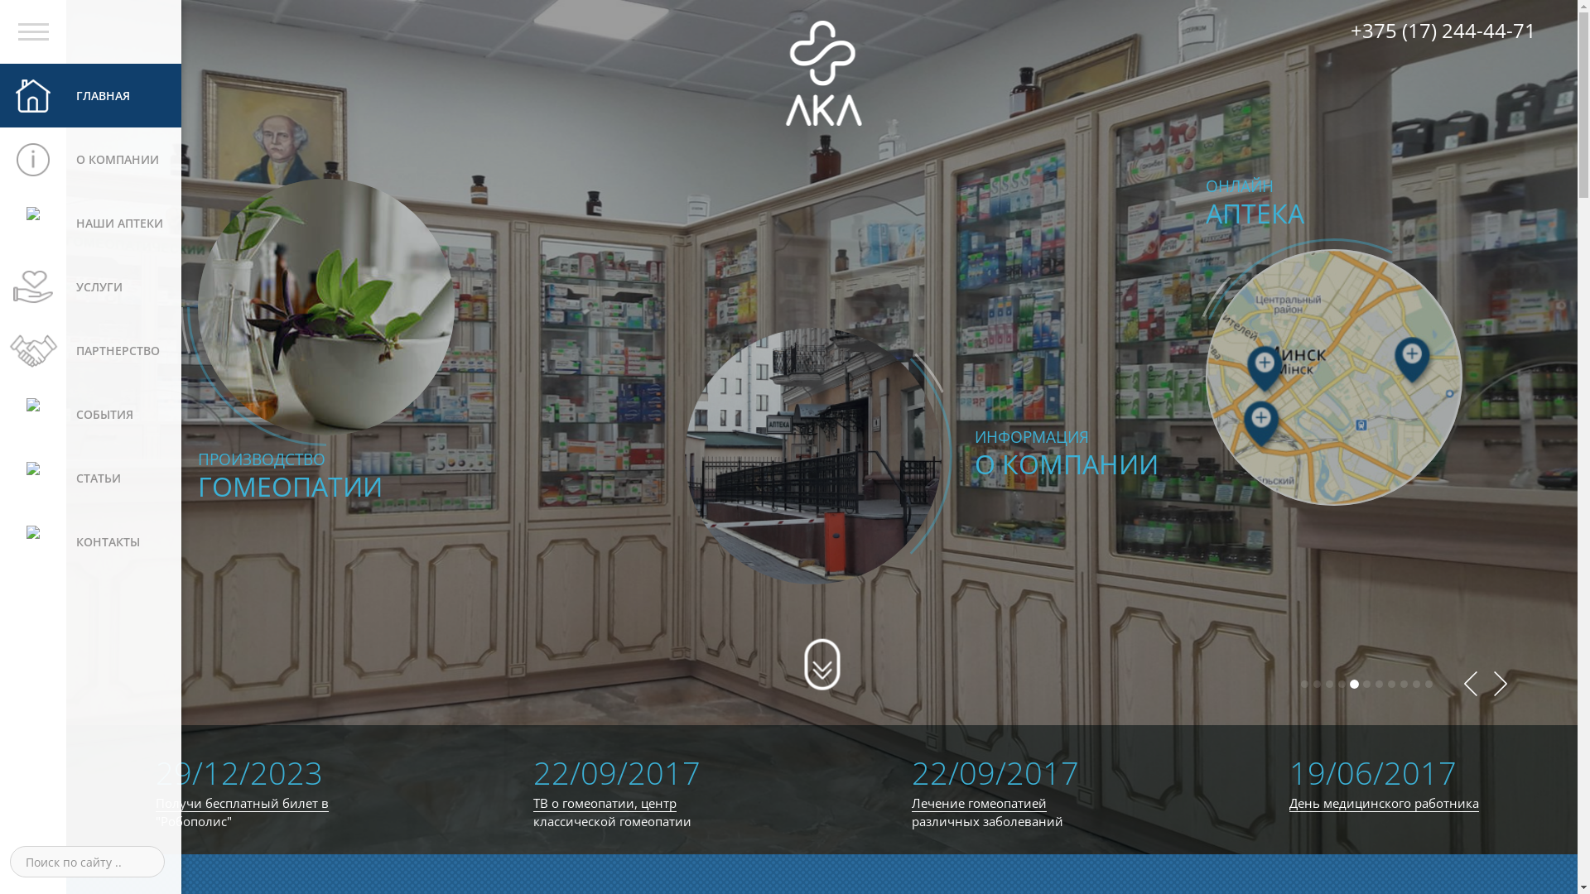 The width and height of the screenshot is (1590, 894). I want to click on '5', so click(1351, 684).